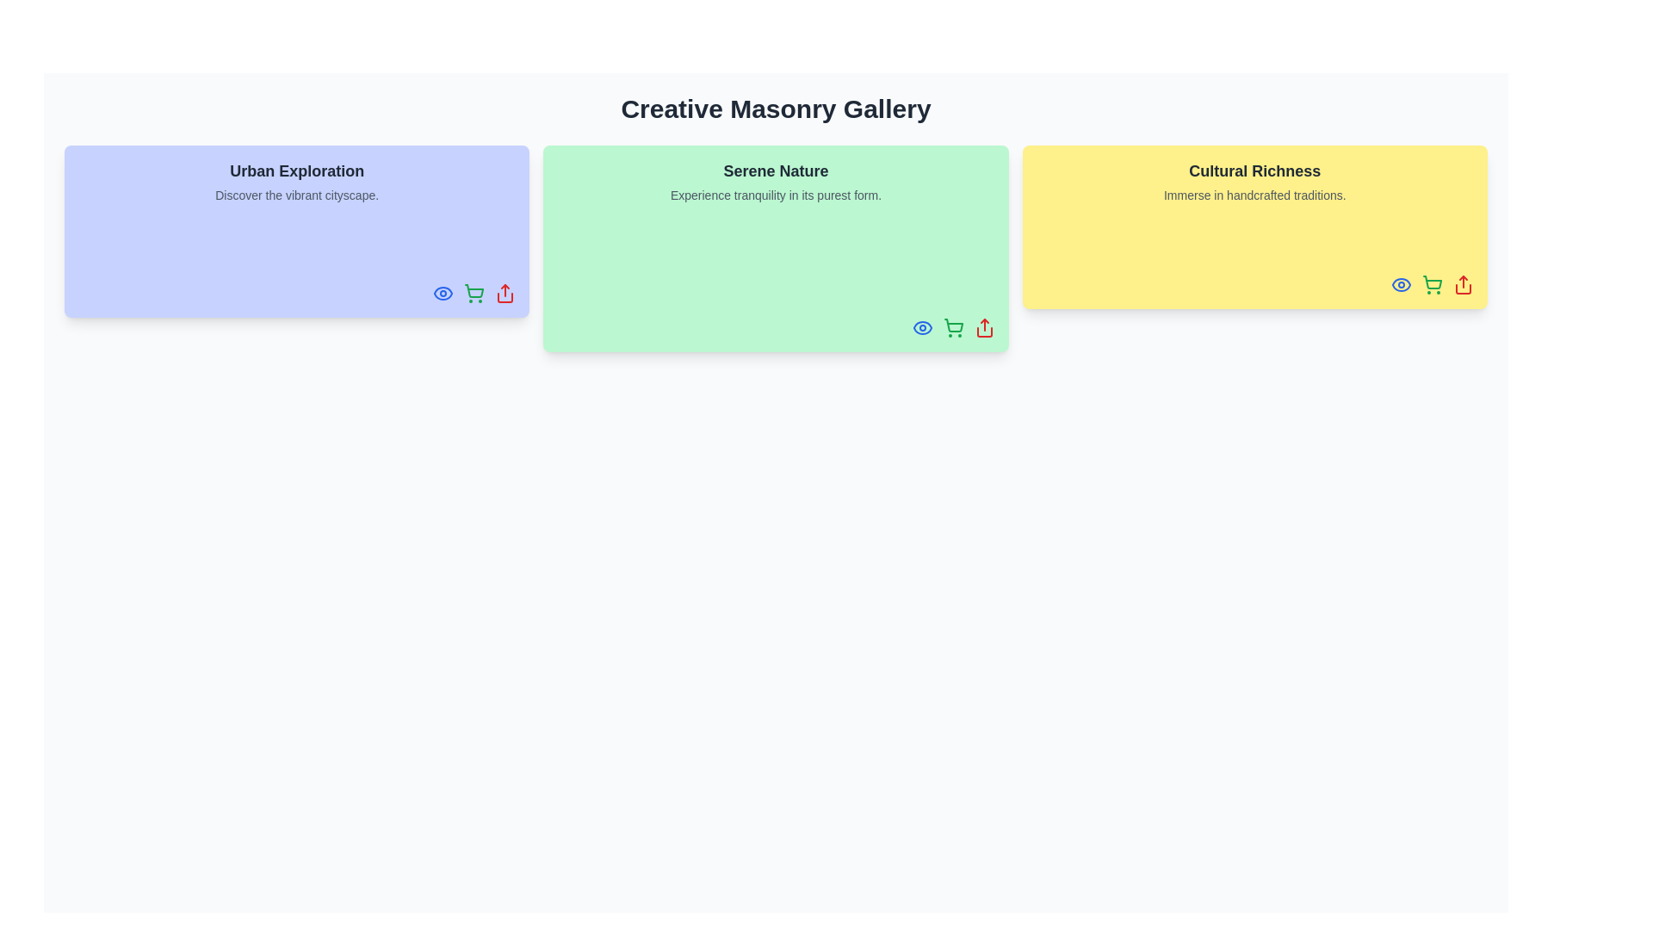  What do you see at coordinates (297, 195) in the screenshot?
I see `the descriptive subtitle text element located in the first card beneath the heading 'Urban Exploration' and above the icons` at bounding box center [297, 195].